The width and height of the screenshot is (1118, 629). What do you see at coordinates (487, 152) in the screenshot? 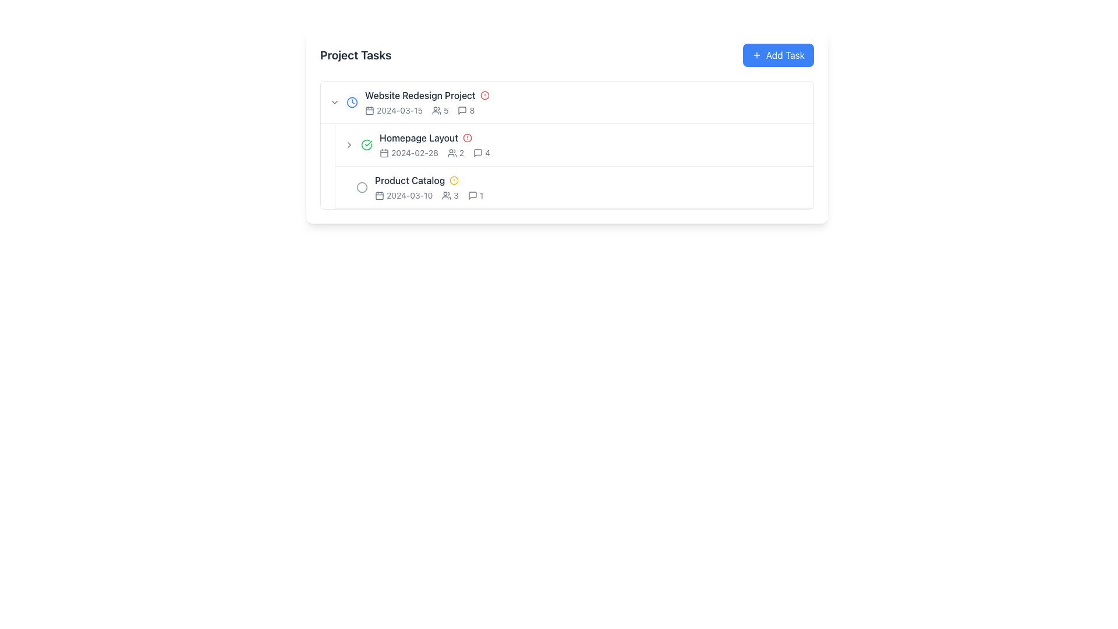
I see `the numeral '4' displayed in a small, bold font, which is the Counter Label adjacent to a speech bubble icon in the 'Homepage Layout' task row` at bounding box center [487, 152].